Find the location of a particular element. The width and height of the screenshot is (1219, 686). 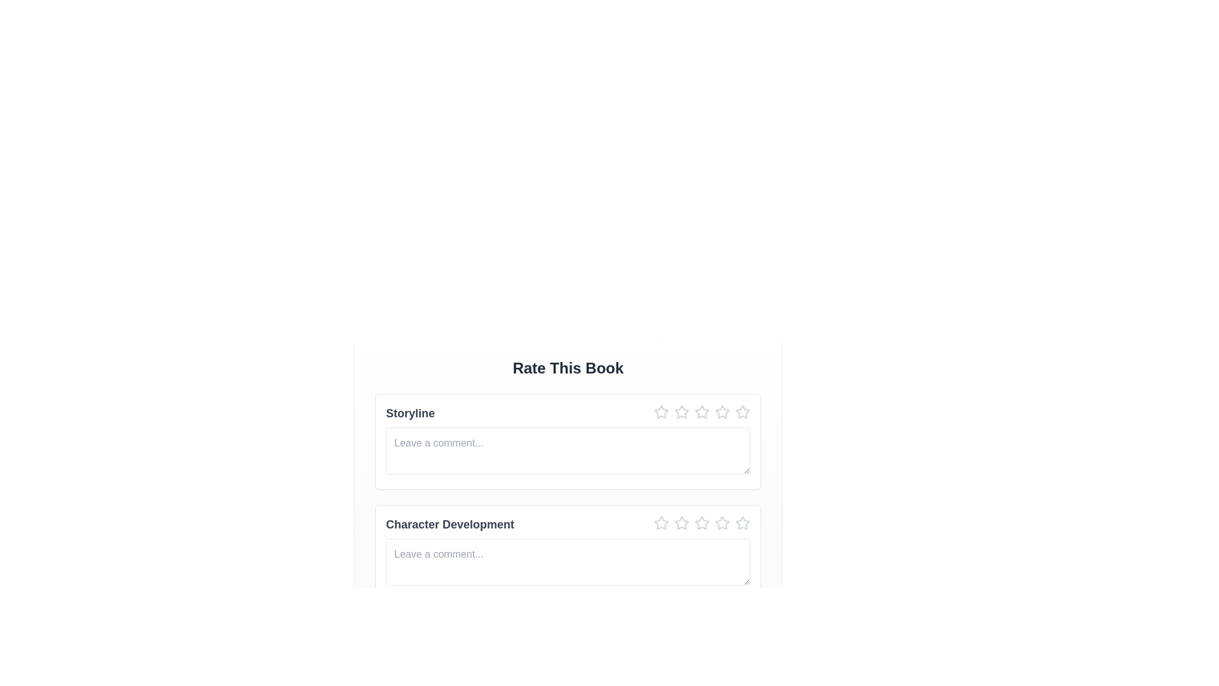

the third star icon in the rating system located under the 'Character Development' section is located at coordinates (701, 524).